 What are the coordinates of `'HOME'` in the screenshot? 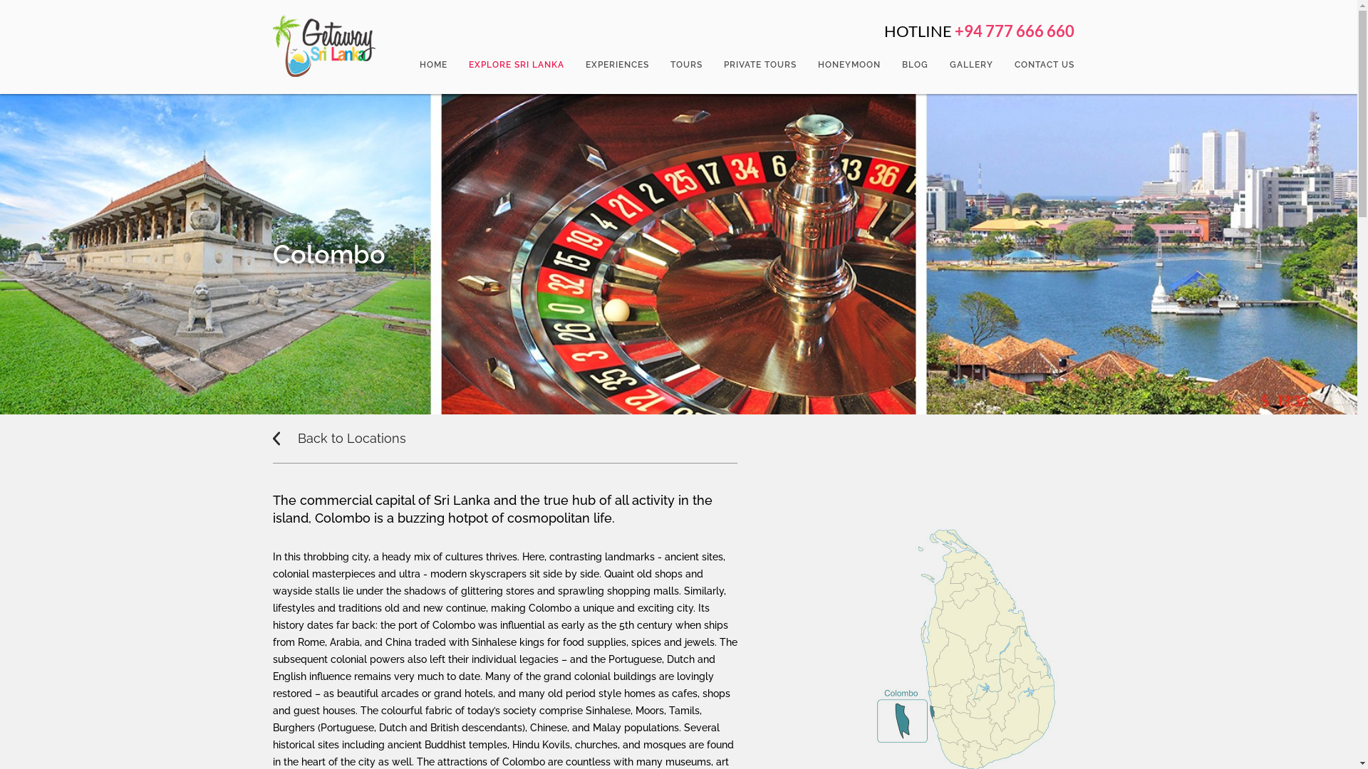 It's located at (432, 65).